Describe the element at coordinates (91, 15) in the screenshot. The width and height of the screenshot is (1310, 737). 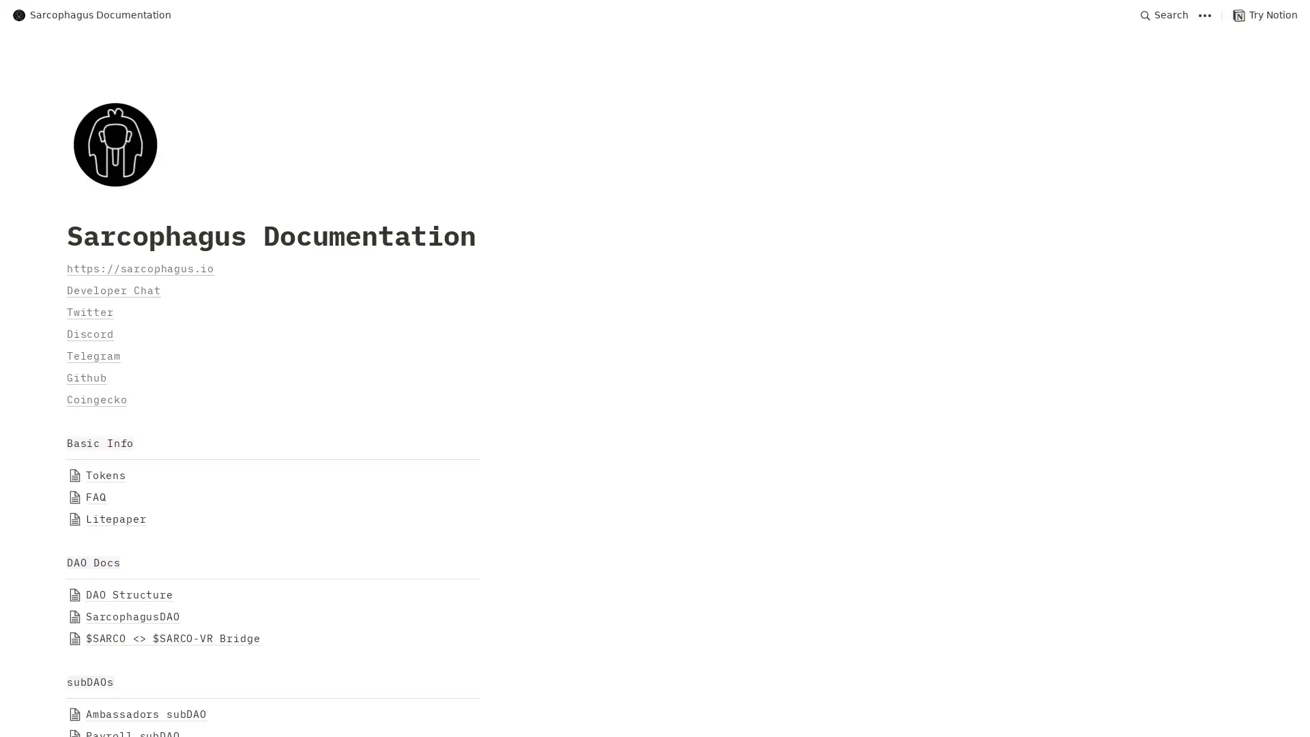
I see `Sarcophagus Documentation` at that location.